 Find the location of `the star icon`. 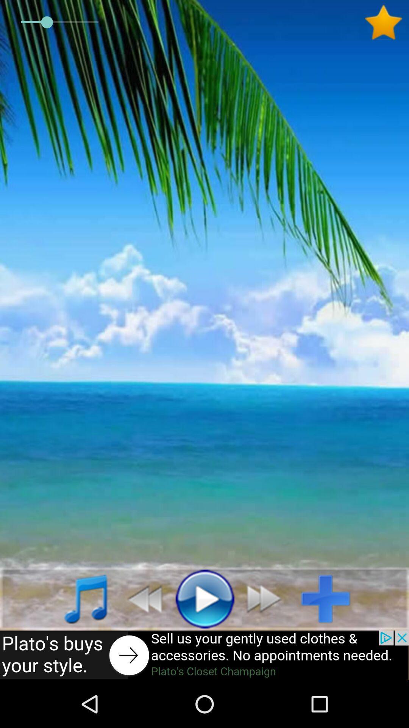

the star icon is located at coordinates (386, 22).